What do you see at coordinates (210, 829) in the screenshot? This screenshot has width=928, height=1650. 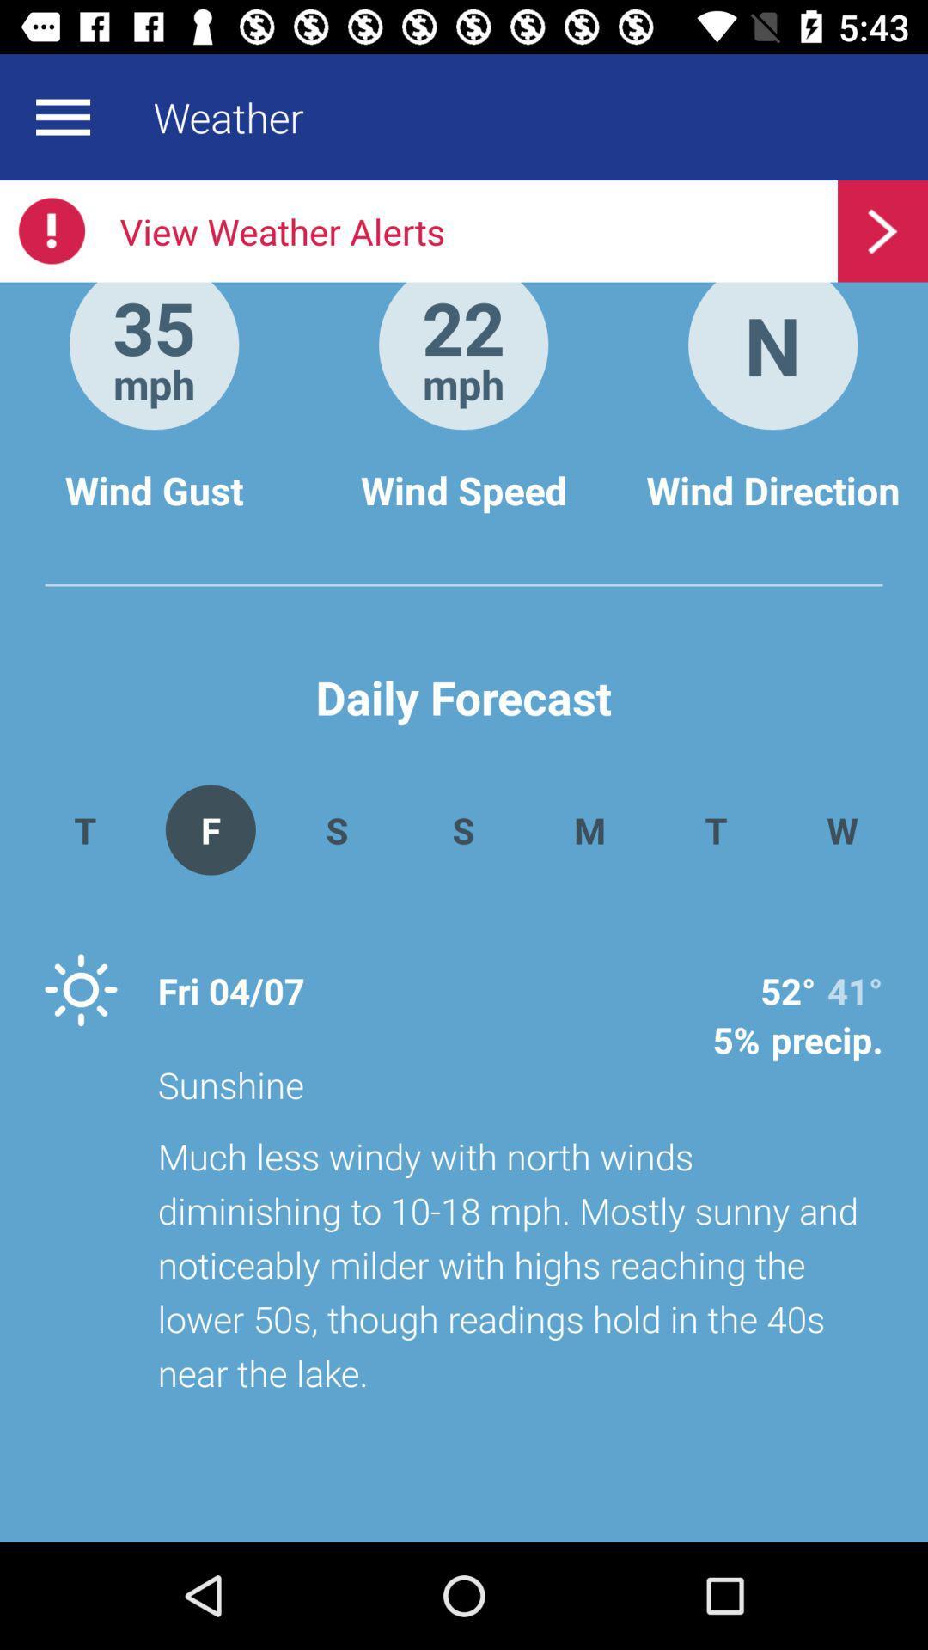 I see `icon next to the s item` at bounding box center [210, 829].